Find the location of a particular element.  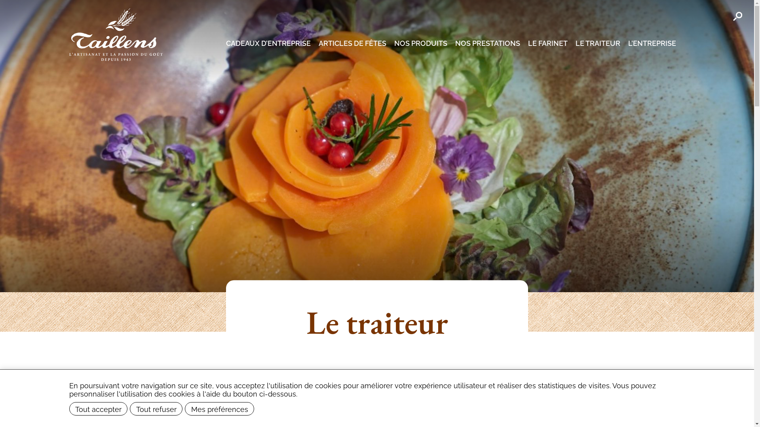

'Tout accepter' is located at coordinates (98, 408).